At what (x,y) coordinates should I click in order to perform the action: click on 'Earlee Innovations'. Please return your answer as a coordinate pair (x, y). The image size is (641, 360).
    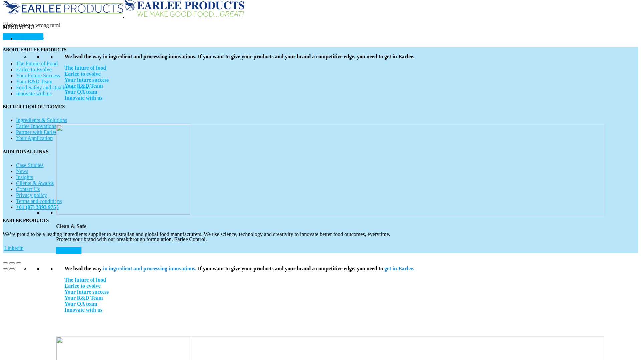
    Looking at the image, I should click on (35, 126).